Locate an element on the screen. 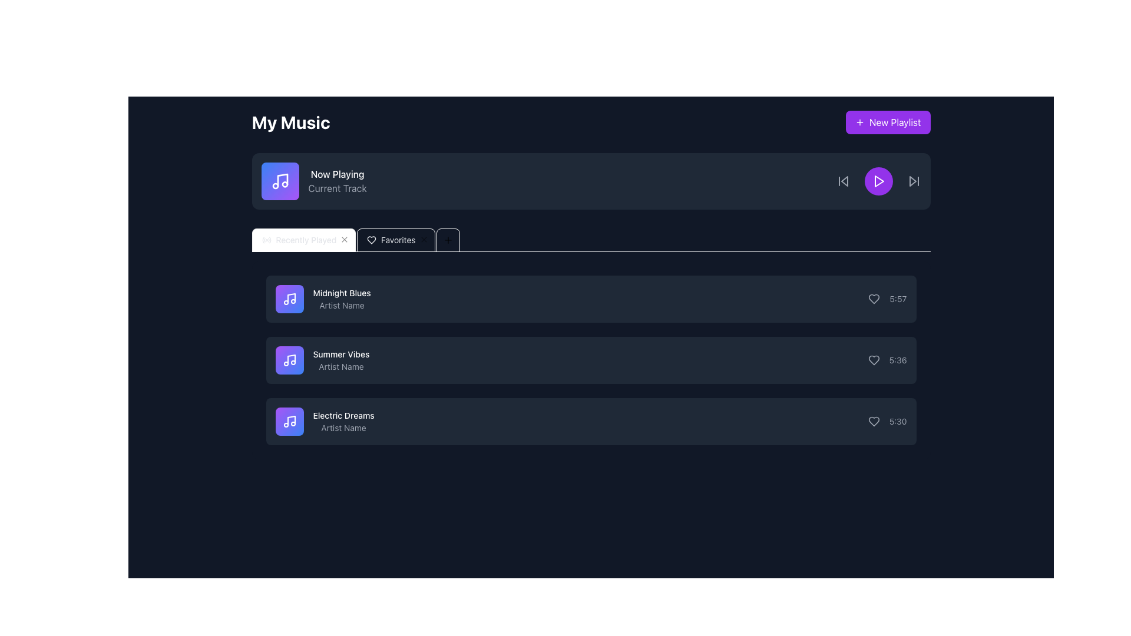 Image resolution: width=1131 pixels, height=636 pixels. the composite music track element titled 'Electric Dreams' is located at coordinates (325, 421).